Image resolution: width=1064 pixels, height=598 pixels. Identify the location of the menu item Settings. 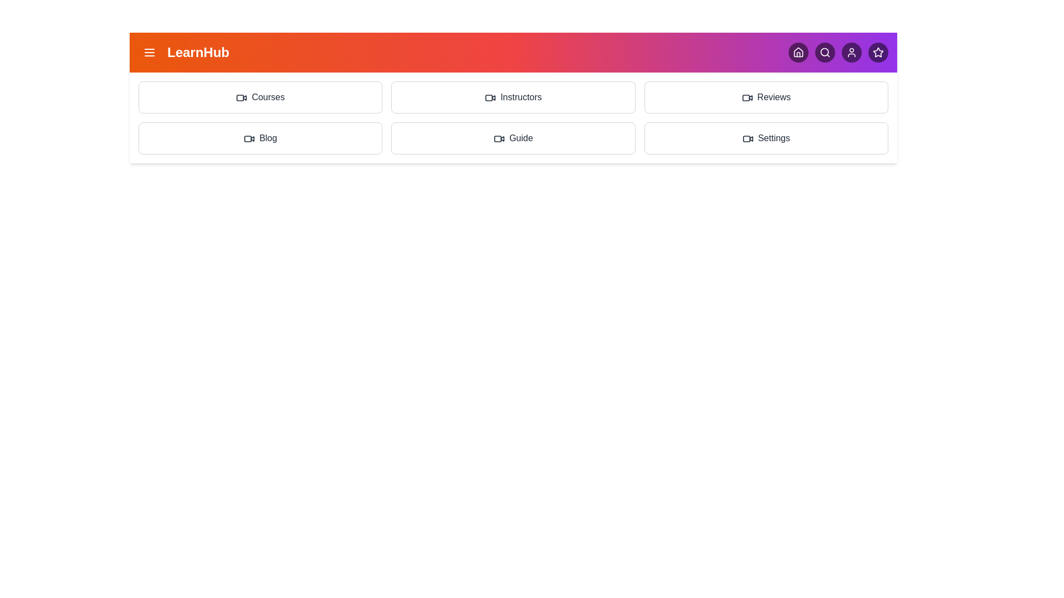
(765, 138).